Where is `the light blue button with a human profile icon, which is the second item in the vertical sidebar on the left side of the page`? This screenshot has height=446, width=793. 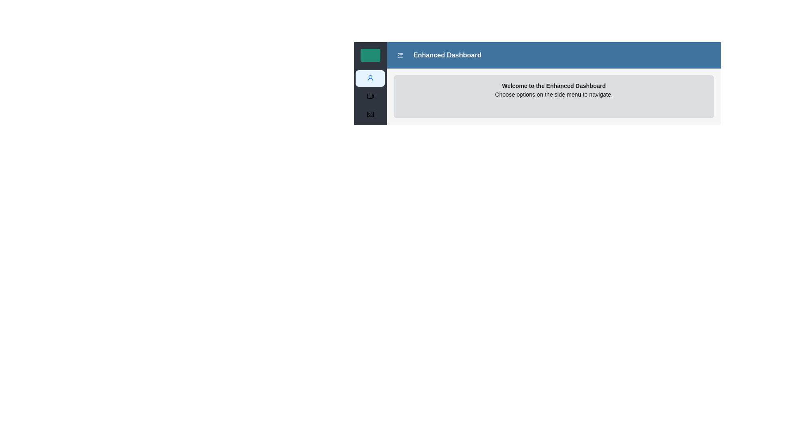 the light blue button with a human profile icon, which is the second item in the vertical sidebar on the left side of the page is located at coordinates (370, 83).